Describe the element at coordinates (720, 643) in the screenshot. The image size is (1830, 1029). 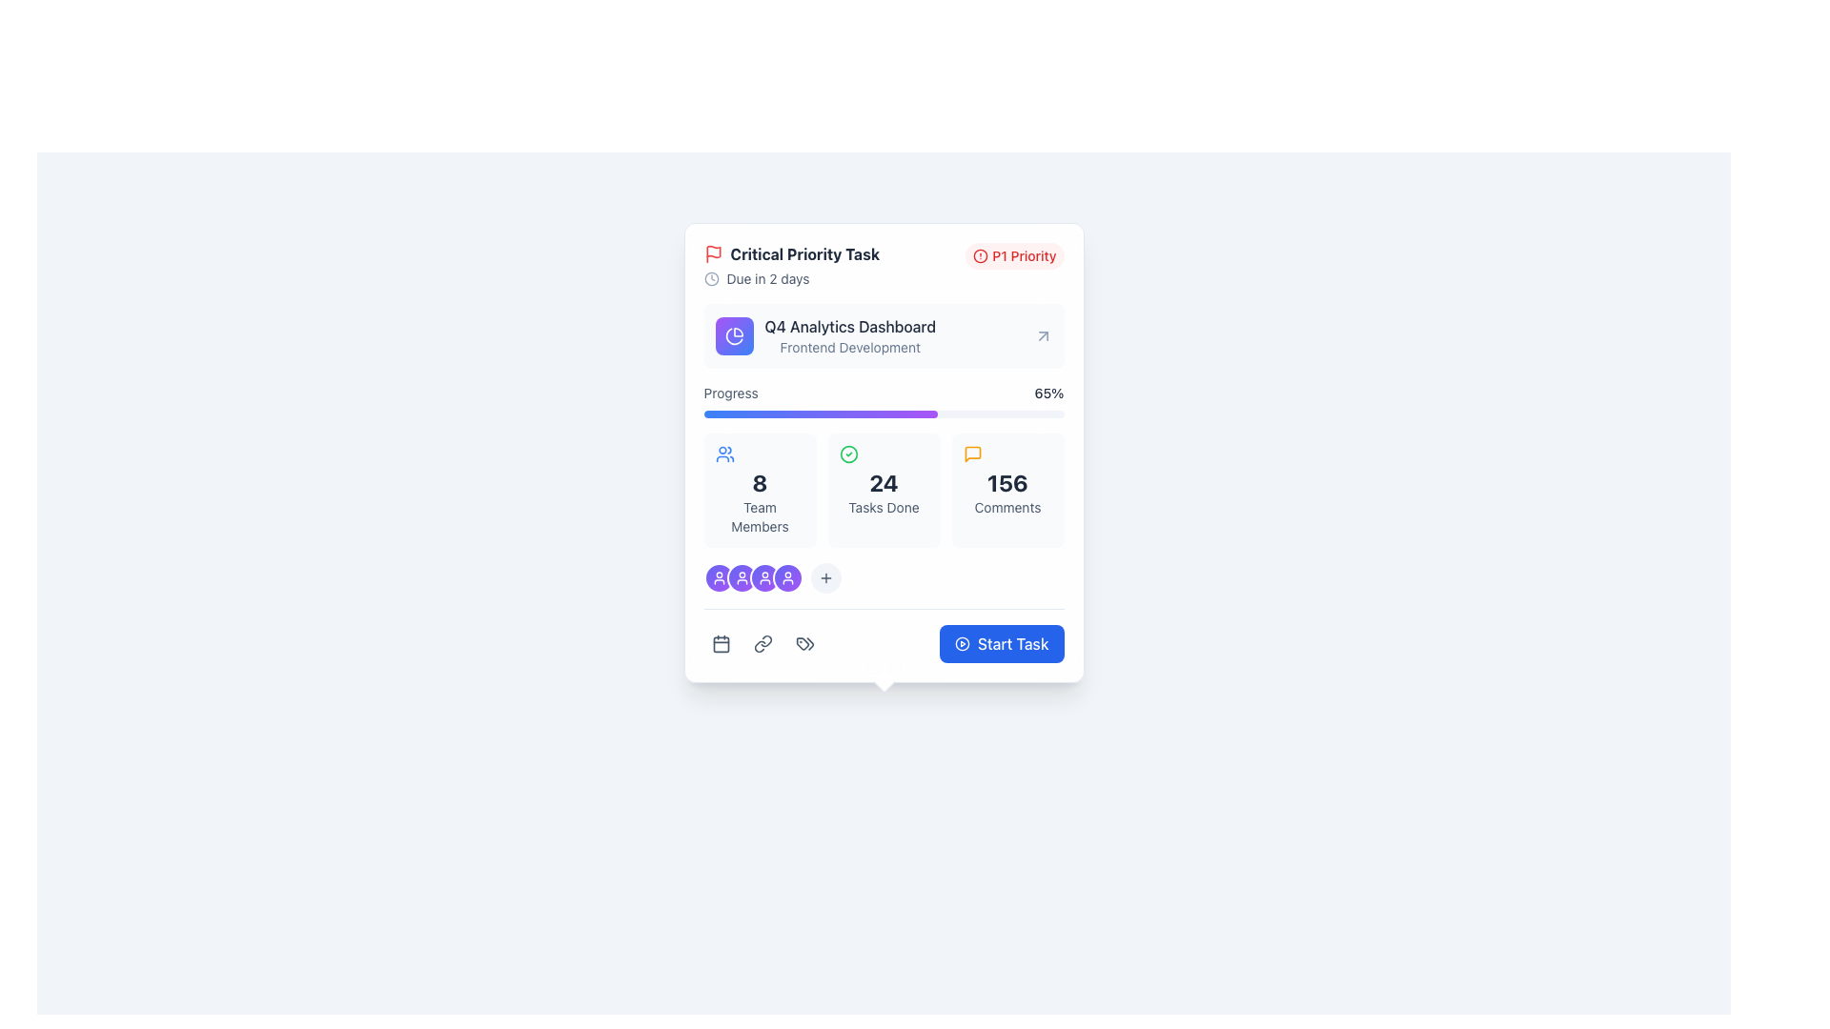
I see `the first icon button in the lower section of the card layout` at that location.